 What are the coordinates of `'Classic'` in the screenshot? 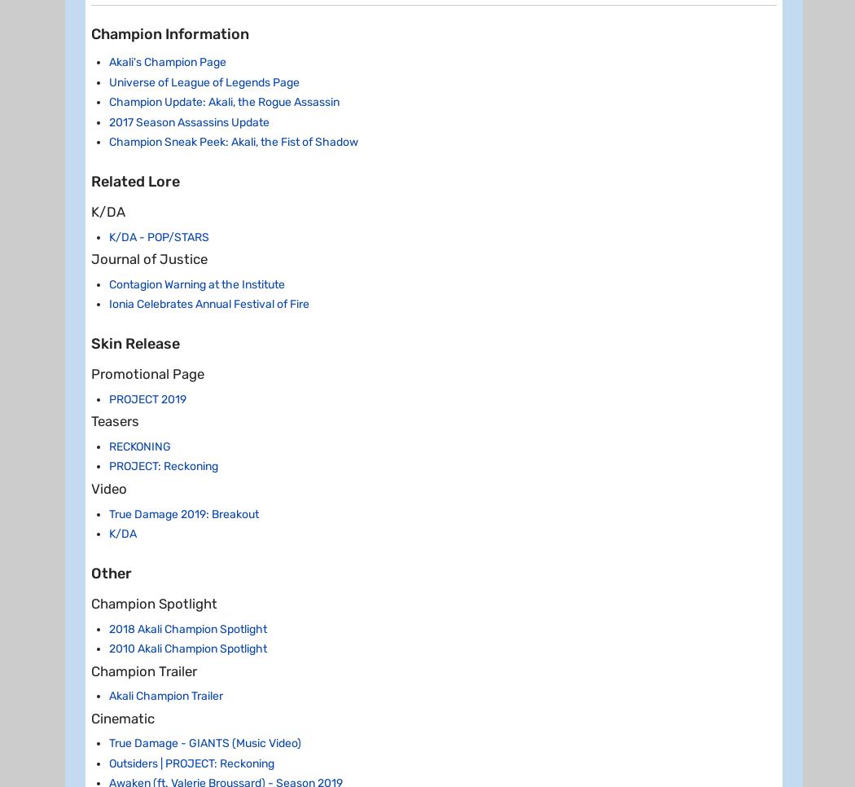 It's located at (422, 589).